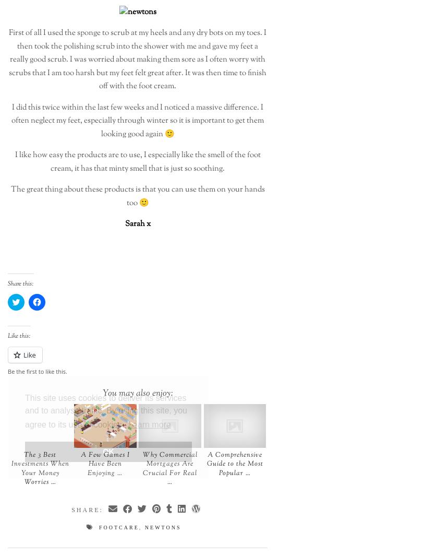  I want to click on 'Learn more', so click(148, 424).